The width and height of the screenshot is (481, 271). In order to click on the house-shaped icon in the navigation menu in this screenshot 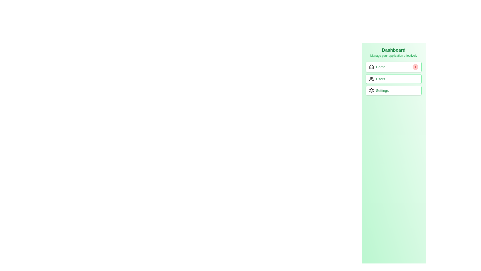, I will do `click(372, 66)`.